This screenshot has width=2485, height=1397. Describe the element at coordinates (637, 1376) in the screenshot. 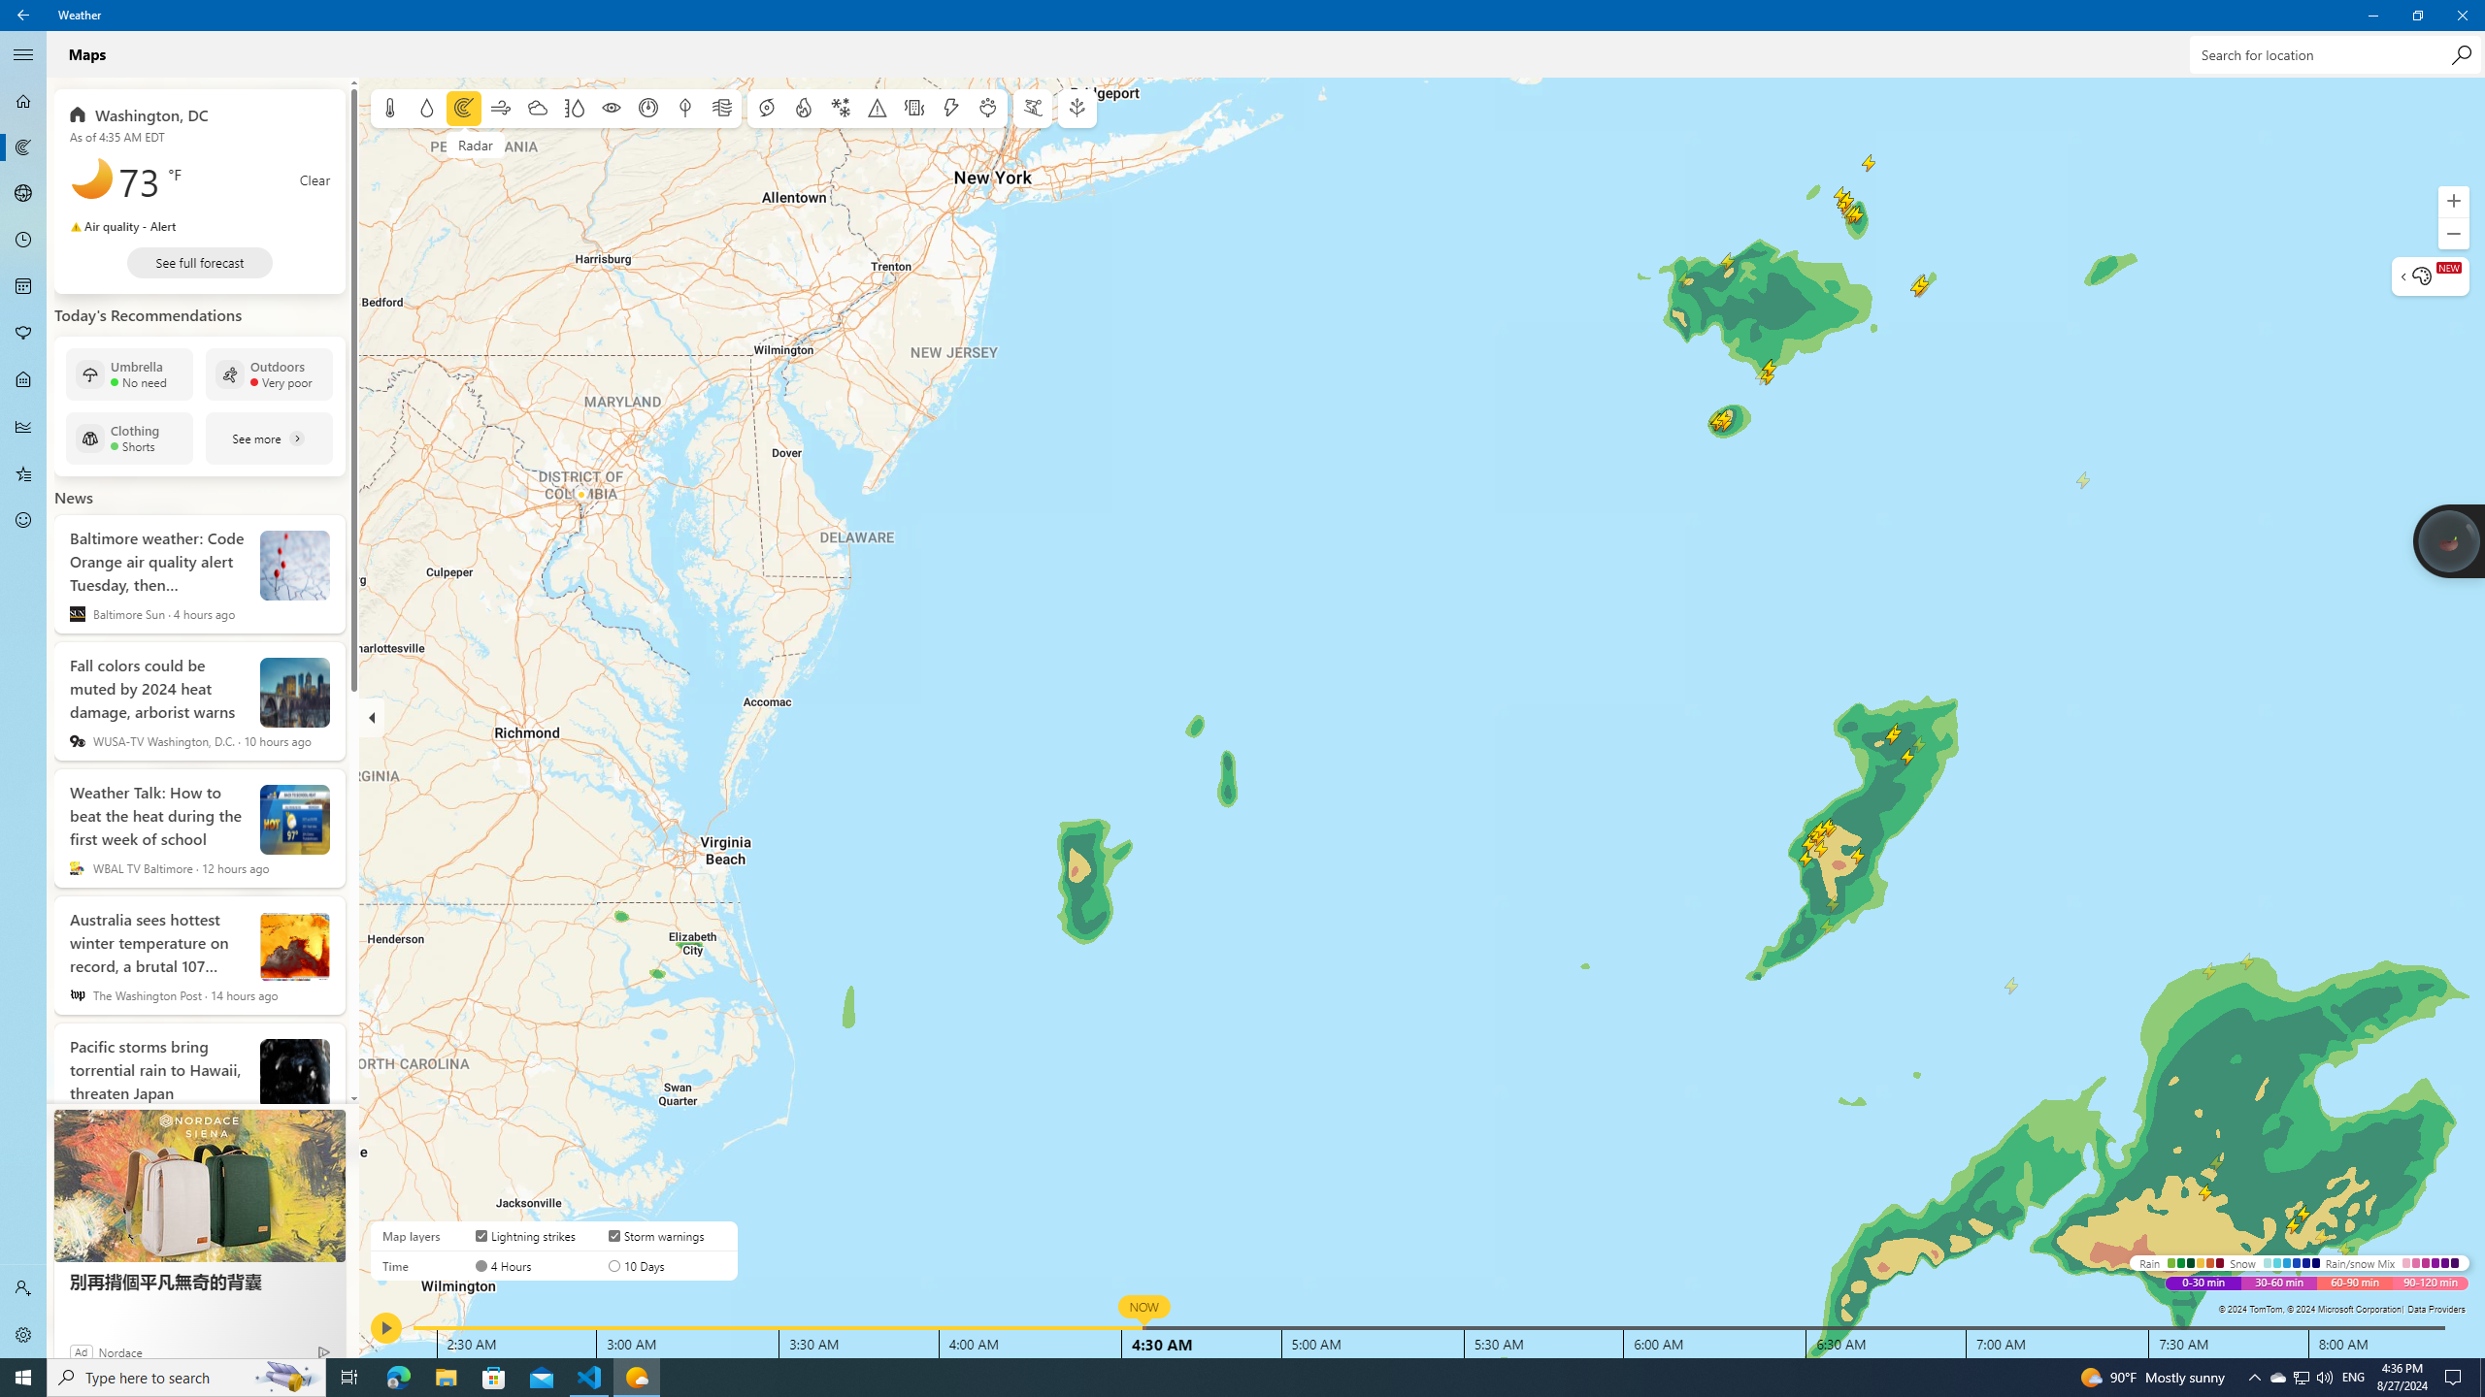

I see `'Weather - 1 running window'` at that location.